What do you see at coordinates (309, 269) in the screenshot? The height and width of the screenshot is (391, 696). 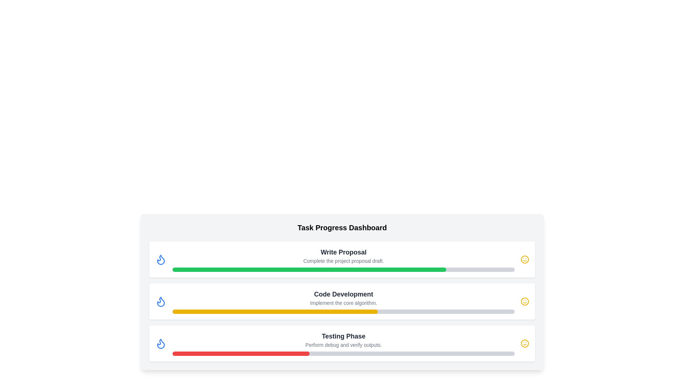 I see `the first progress bar in the 'Task Progress Dashboard' that represents the progress of the 'Write Proposal' activity` at bounding box center [309, 269].